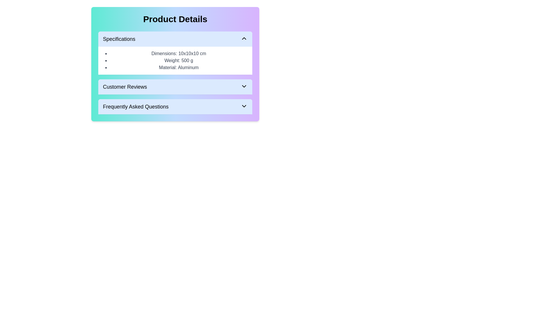 The image size is (560, 315). What do you see at coordinates (244, 38) in the screenshot?
I see `the arrow icon located at the far-right end of the 'Specifications' header in the 'Product Details' section` at bounding box center [244, 38].